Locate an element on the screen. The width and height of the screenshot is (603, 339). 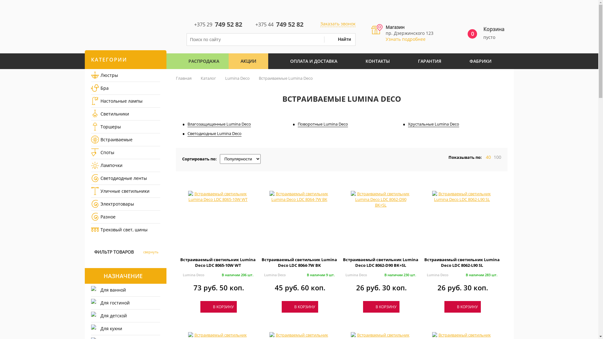
'+375 44 749 52 82' is located at coordinates (274, 24).